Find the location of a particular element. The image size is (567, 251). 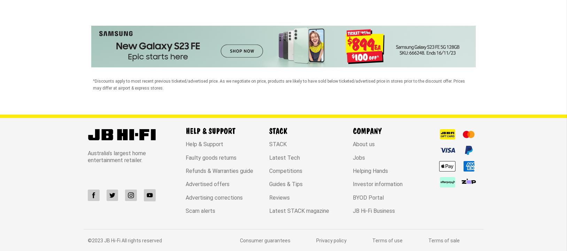

'Company' is located at coordinates (352, 73).